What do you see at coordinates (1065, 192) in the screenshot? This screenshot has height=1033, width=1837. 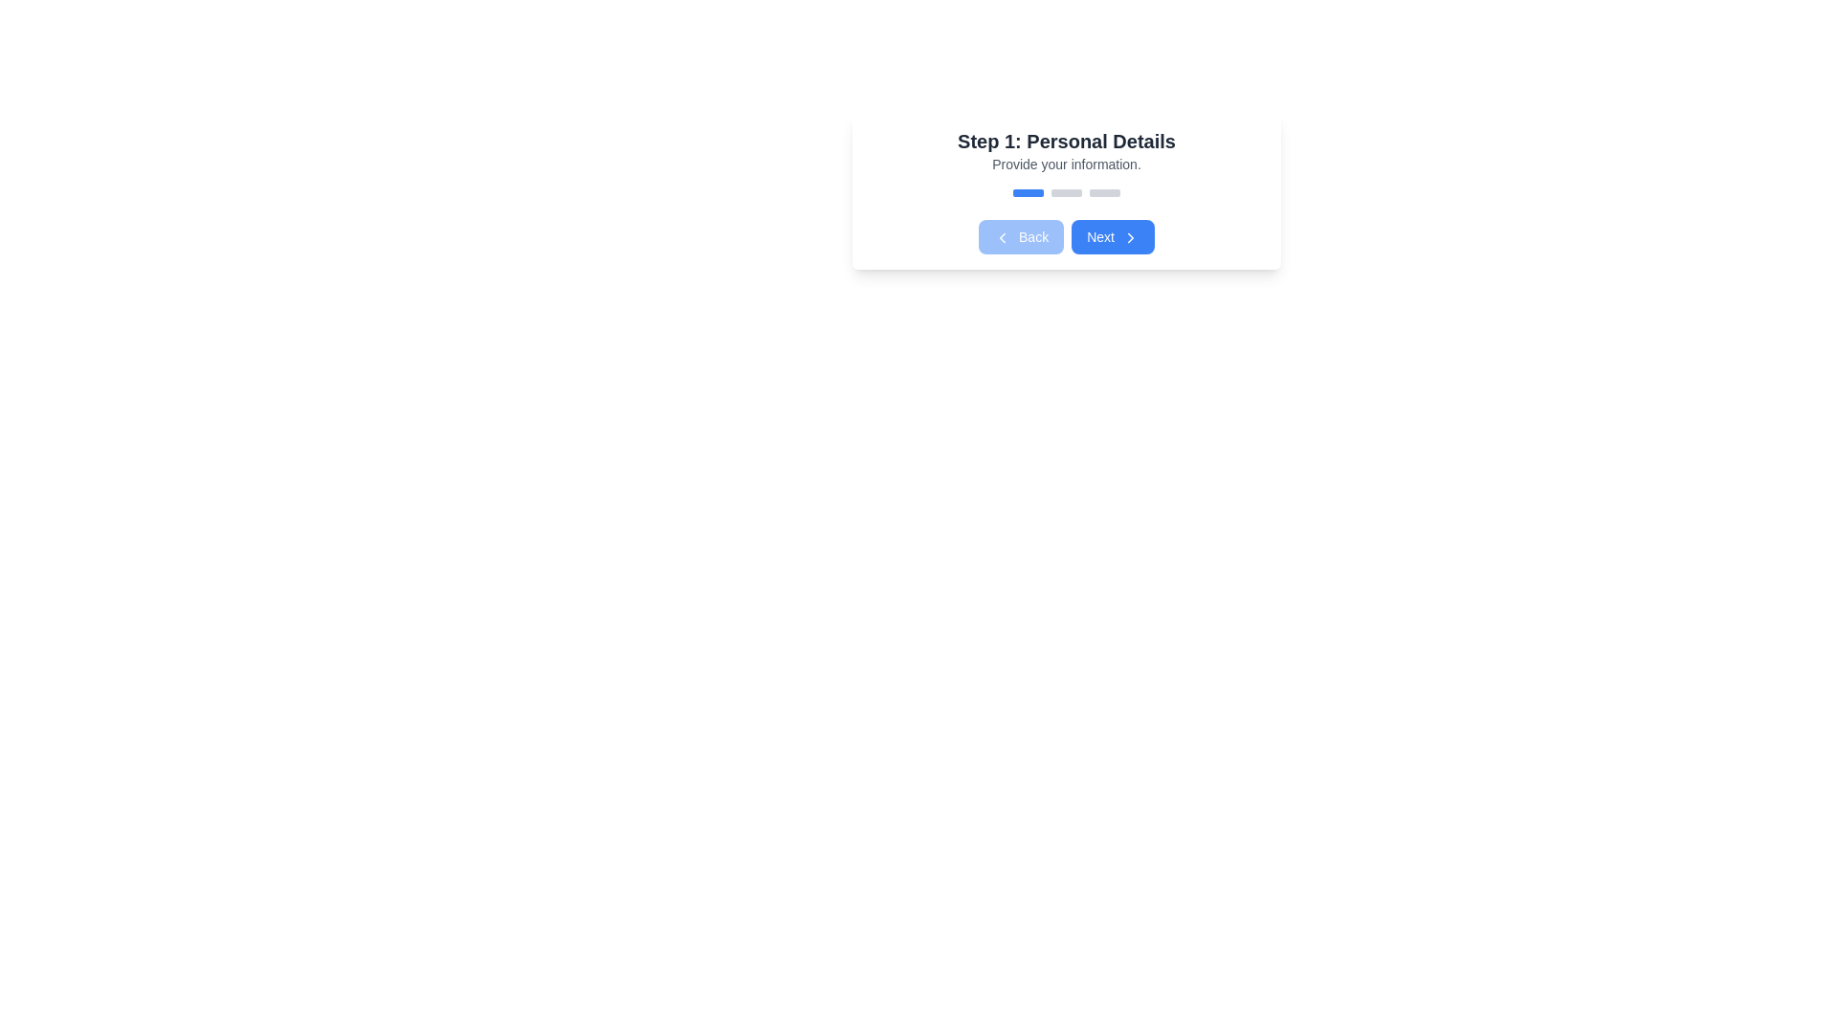 I see `the second gray progress indicator segment, which is part of a visual progress bar located beneath the 'Step 1: Personal Details' header` at bounding box center [1065, 192].